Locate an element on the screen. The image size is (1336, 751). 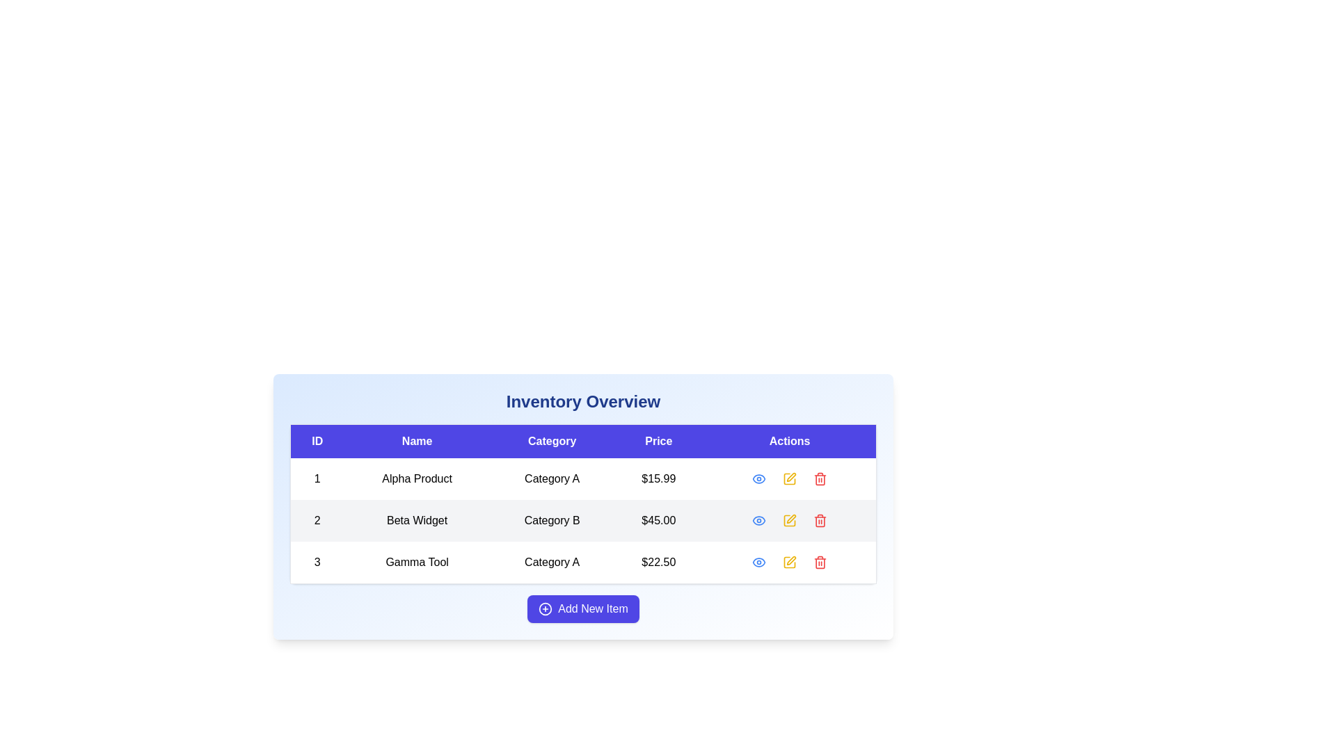
the yellow pencil icon button, which is the second button in the action row for the 'Beta Widget' is located at coordinates (790, 520).